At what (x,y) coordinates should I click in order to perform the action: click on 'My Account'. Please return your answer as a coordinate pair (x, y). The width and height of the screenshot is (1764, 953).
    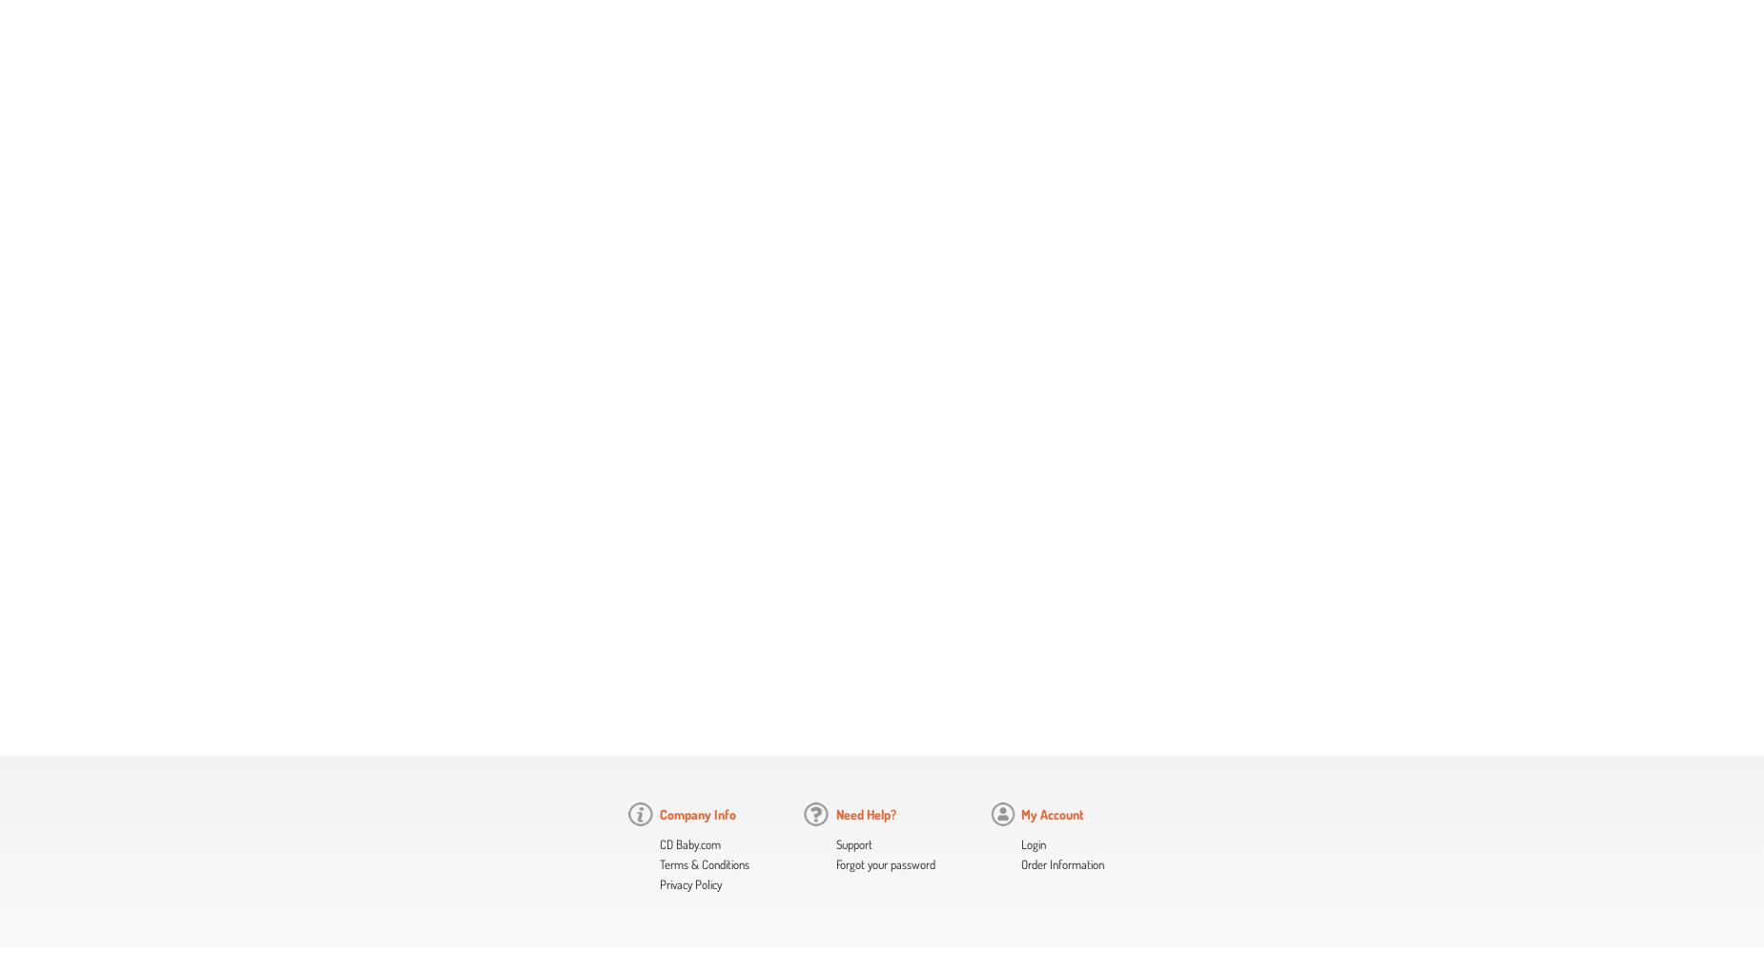
    Looking at the image, I should click on (1052, 813).